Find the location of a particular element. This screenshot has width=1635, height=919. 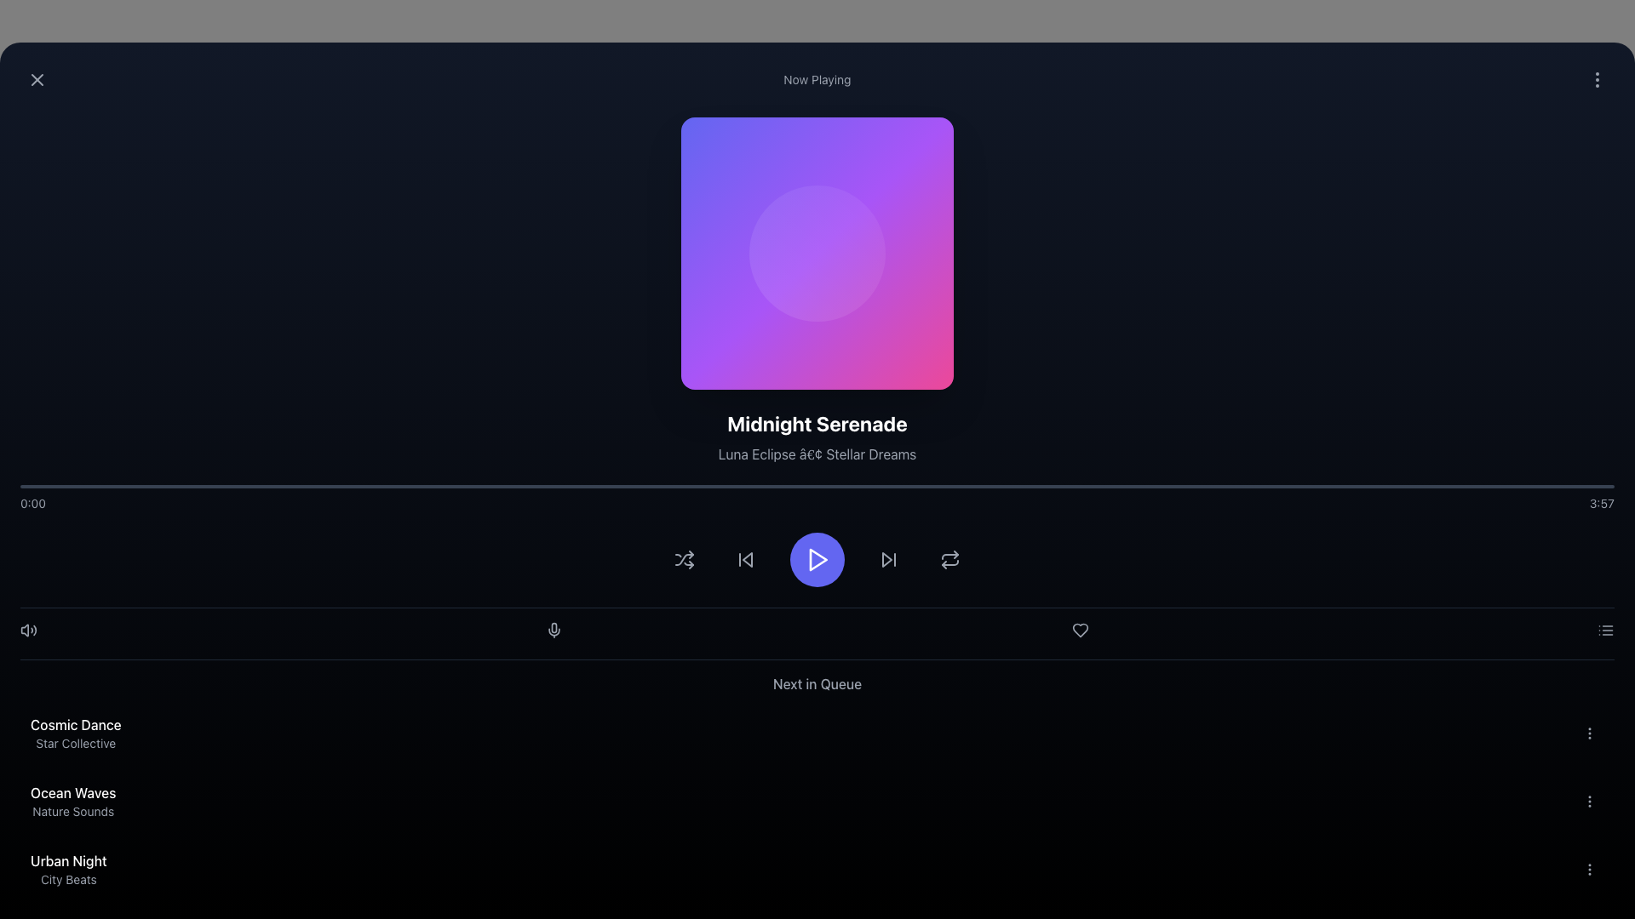

the playback progress is located at coordinates (339, 486).